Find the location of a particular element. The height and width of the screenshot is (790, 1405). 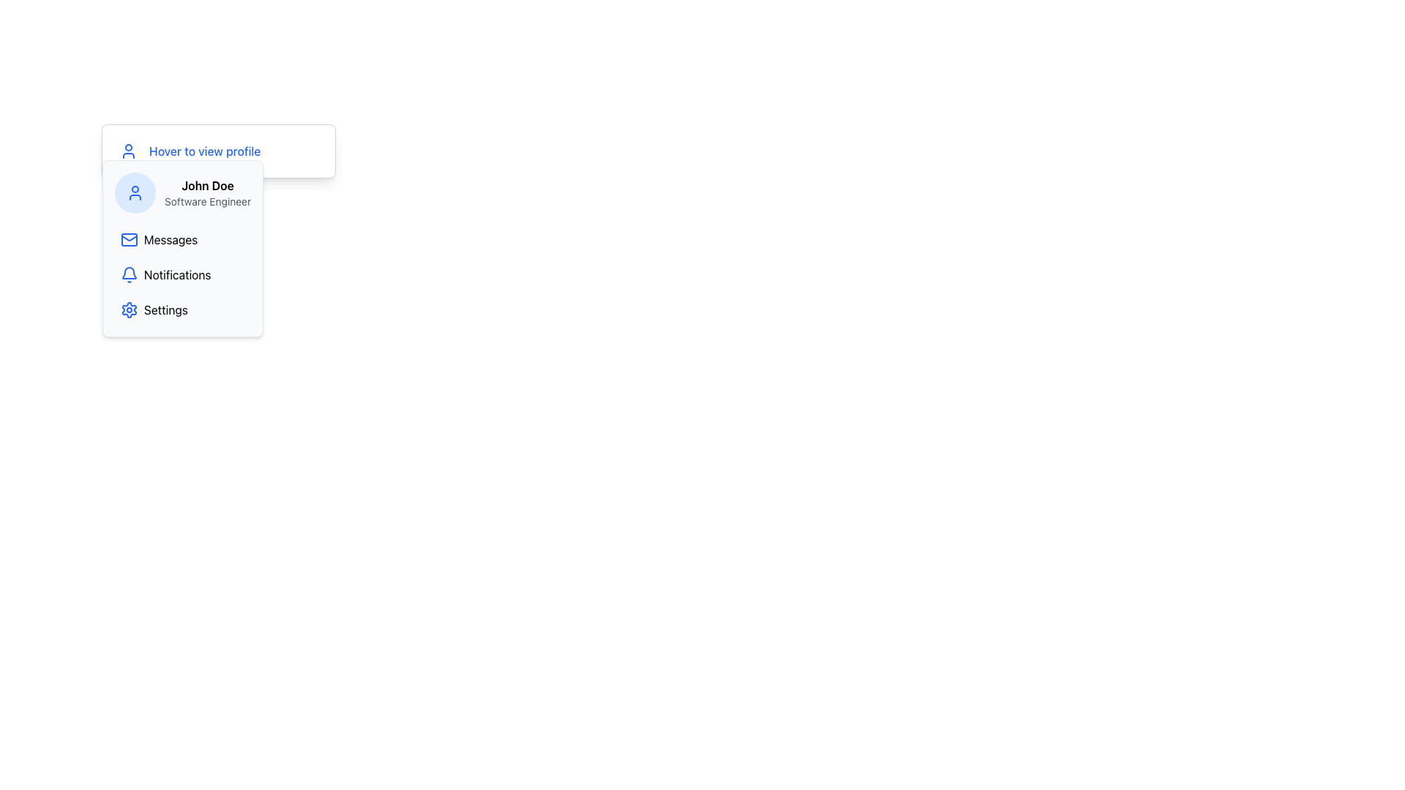

the user name text label in the profile menu section, which is located above the 'Software Engineer' text element is located at coordinates (207, 185).